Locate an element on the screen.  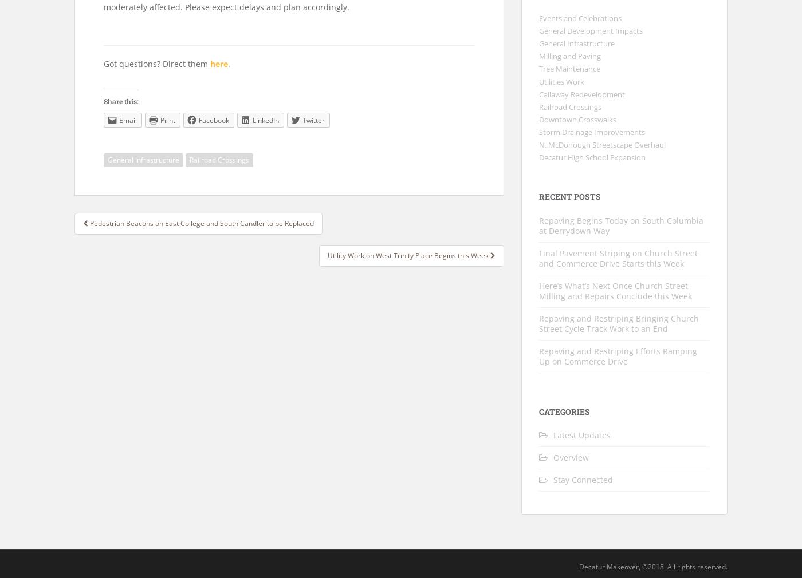
'Events and Celebrations' is located at coordinates (580, 18).